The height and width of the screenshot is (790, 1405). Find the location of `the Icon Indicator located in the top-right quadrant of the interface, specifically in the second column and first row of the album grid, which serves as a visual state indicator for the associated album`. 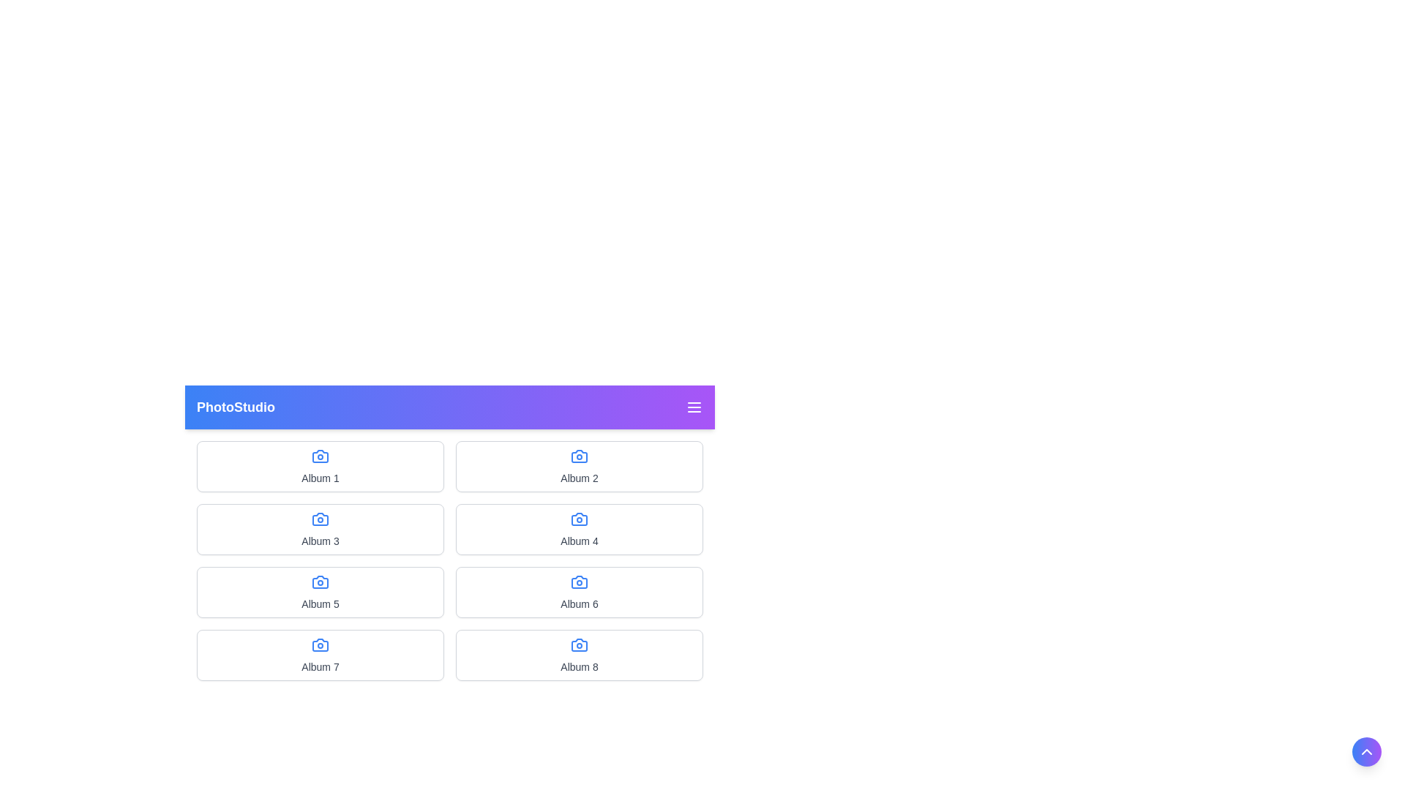

the Icon Indicator located in the top-right quadrant of the interface, specifically in the second column and first row of the album grid, which serves as a visual state indicator for the associated album is located at coordinates (579, 456).